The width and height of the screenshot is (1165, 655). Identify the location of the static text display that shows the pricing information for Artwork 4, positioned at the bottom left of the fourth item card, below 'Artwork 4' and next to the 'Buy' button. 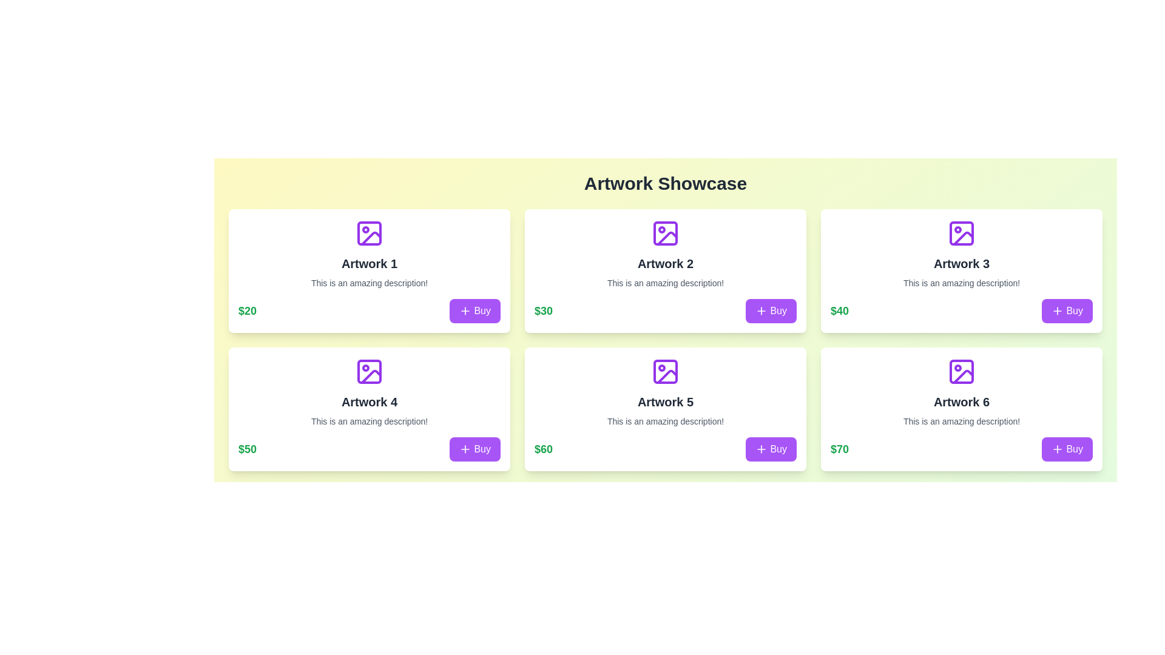
(247, 449).